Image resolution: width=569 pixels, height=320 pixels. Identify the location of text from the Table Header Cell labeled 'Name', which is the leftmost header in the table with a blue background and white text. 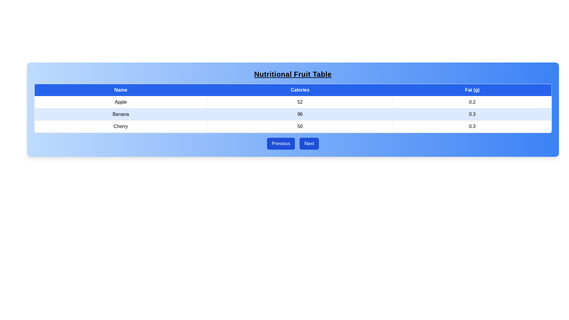
(120, 90).